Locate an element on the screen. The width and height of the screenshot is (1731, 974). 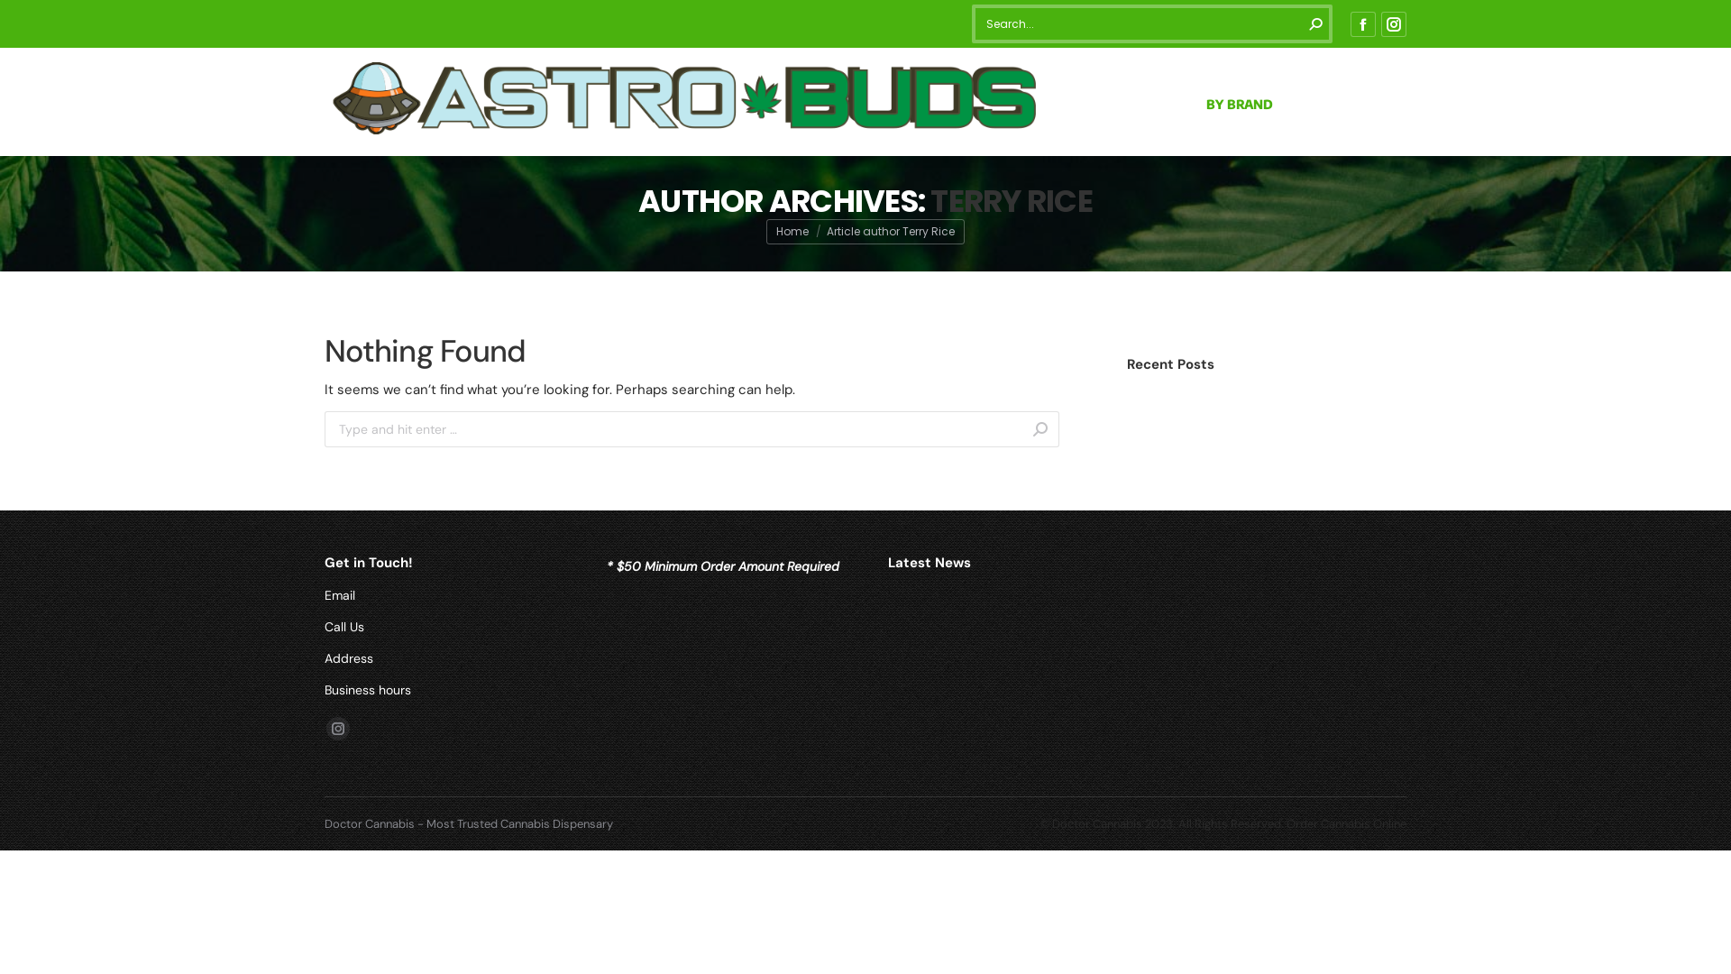
'Go!' is located at coordinates (1059, 431).